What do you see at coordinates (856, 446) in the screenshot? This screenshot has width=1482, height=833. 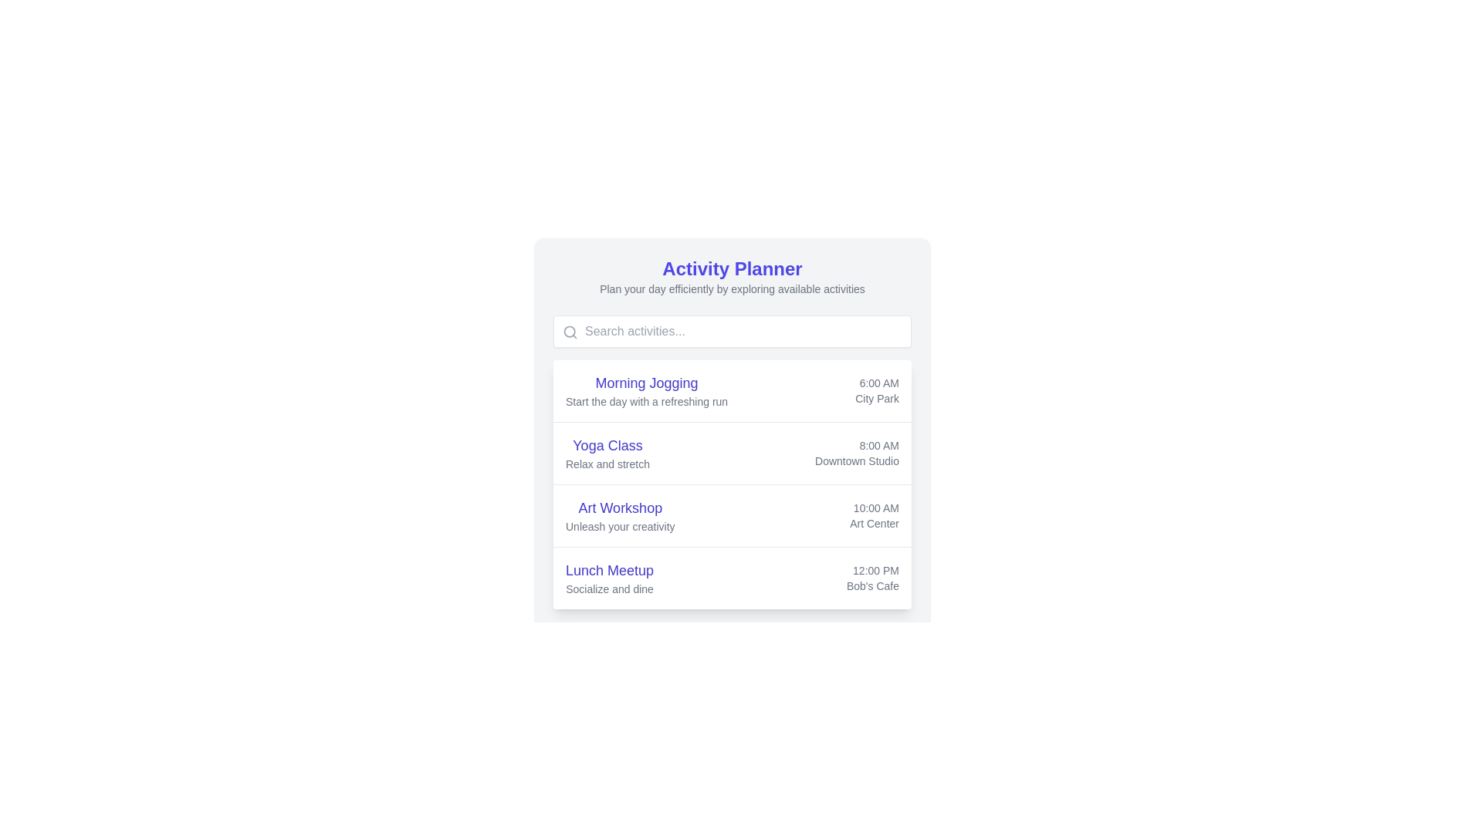 I see `the text label displaying '8:00 AM' in a light-gray font, located in the second row of the activity list, next to 'Yoga Class.'` at bounding box center [856, 446].